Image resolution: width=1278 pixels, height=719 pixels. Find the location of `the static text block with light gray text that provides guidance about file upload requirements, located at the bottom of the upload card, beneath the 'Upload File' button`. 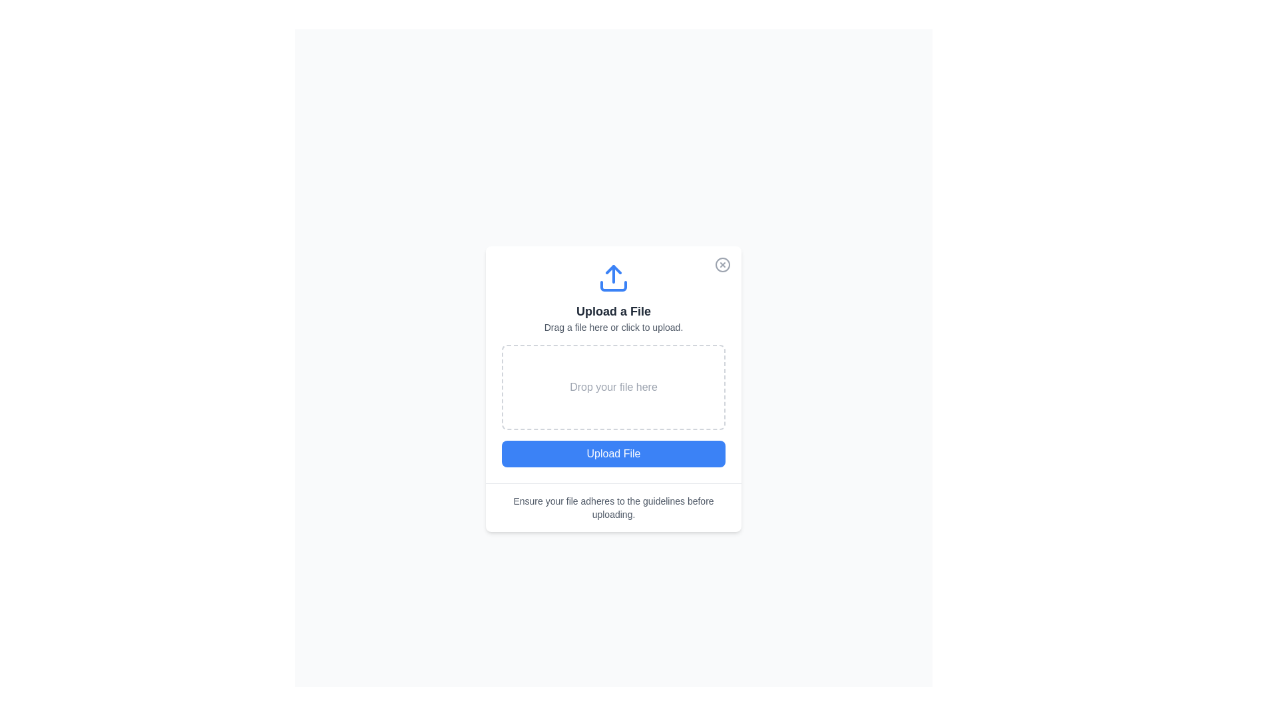

the static text block with light gray text that provides guidance about file upload requirements, located at the bottom of the upload card, beneath the 'Upload File' button is located at coordinates (612, 507).